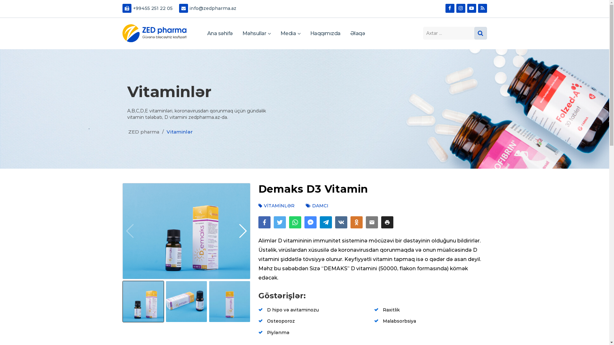 The width and height of the screenshot is (614, 345). I want to click on 'RSS', so click(482, 8).